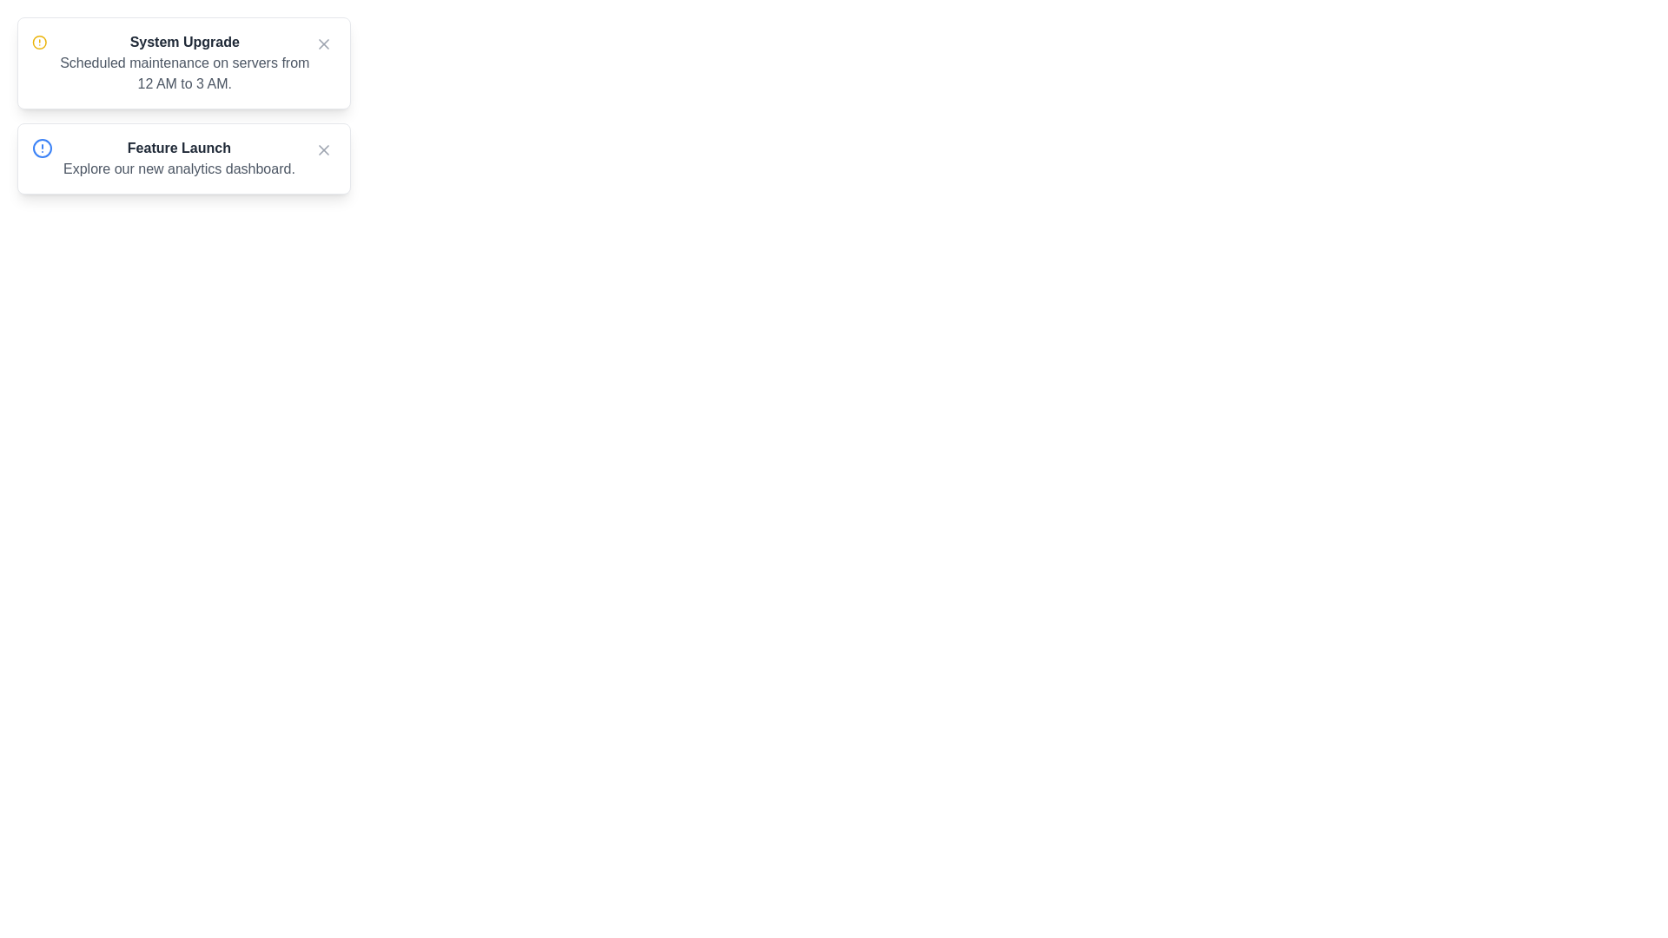 Image resolution: width=1668 pixels, height=938 pixels. What do you see at coordinates (324, 43) in the screenshot?
I see `the close button of the notification with title System Upgrade` at bounding box center [324, 43].